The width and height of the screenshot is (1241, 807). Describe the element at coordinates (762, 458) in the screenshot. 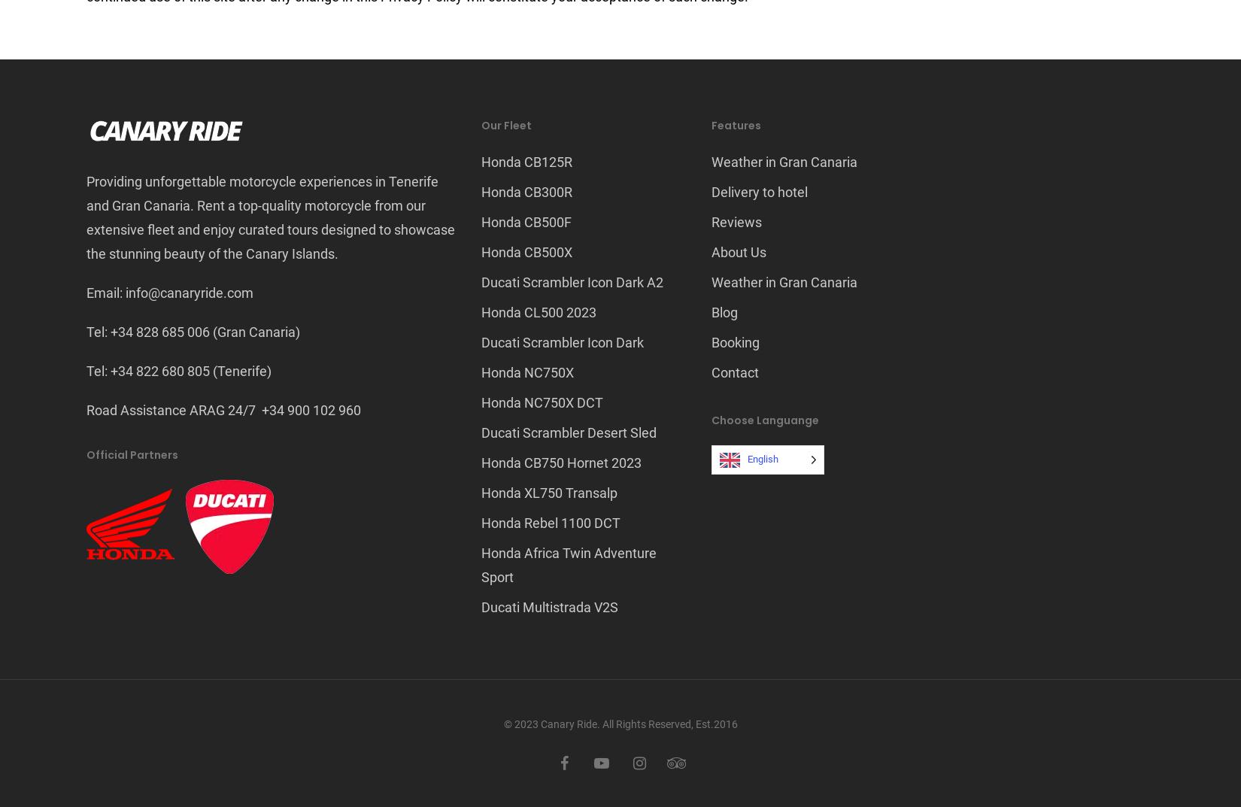

I see `'English'` at that location.